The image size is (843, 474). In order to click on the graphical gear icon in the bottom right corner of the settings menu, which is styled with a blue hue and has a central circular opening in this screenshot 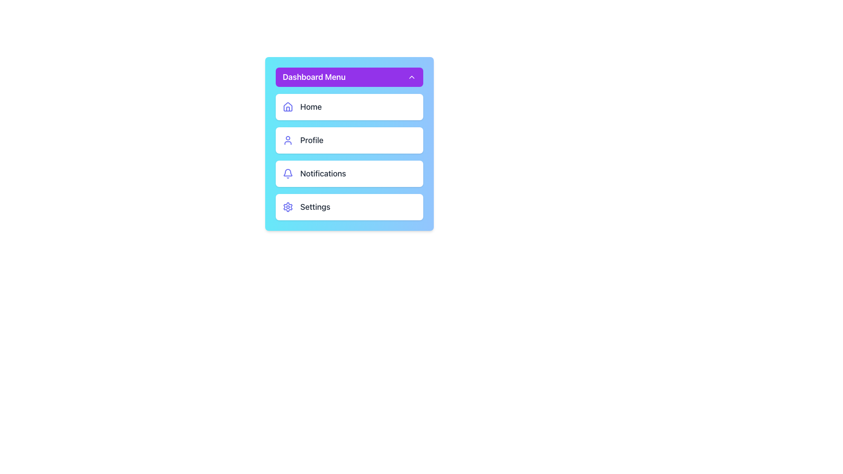, I will do `click(288, 207)`.